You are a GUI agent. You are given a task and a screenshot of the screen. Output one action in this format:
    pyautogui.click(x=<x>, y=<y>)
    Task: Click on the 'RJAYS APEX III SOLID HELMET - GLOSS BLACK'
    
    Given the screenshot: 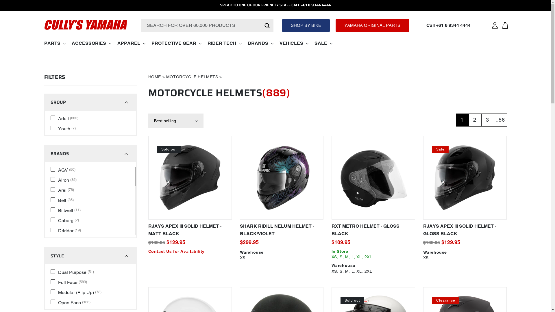 What is the action you would take?
    pyautogui.click(x=465, y=230)
    